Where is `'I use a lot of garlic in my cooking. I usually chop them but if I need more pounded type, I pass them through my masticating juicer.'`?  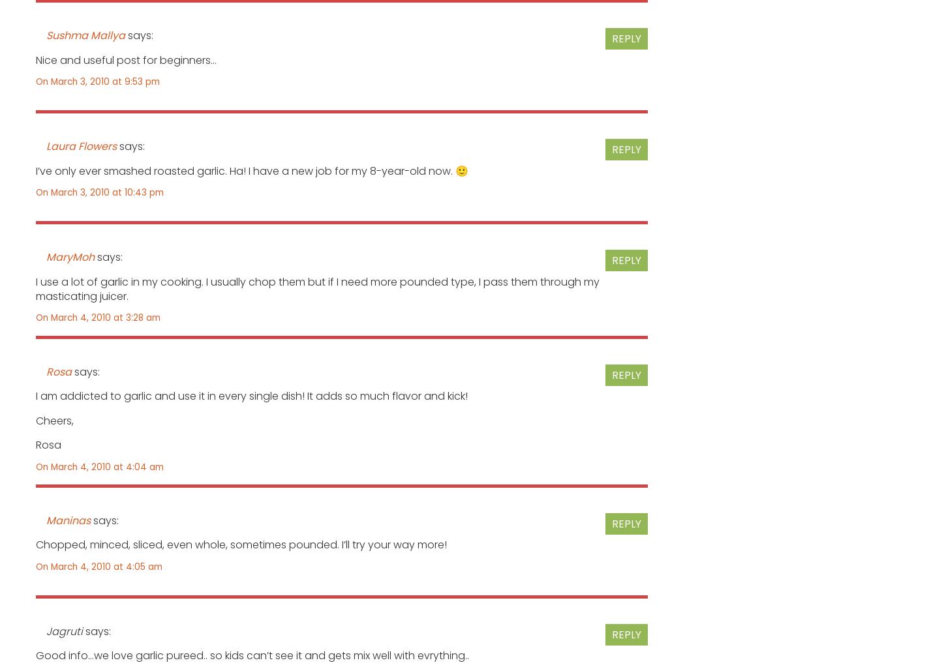
'I use a lot of garlic in my cooking. I usually chop them but if I need more pounded type, I pass them through my masticating juicer.' is located at coordinates (35, 288).